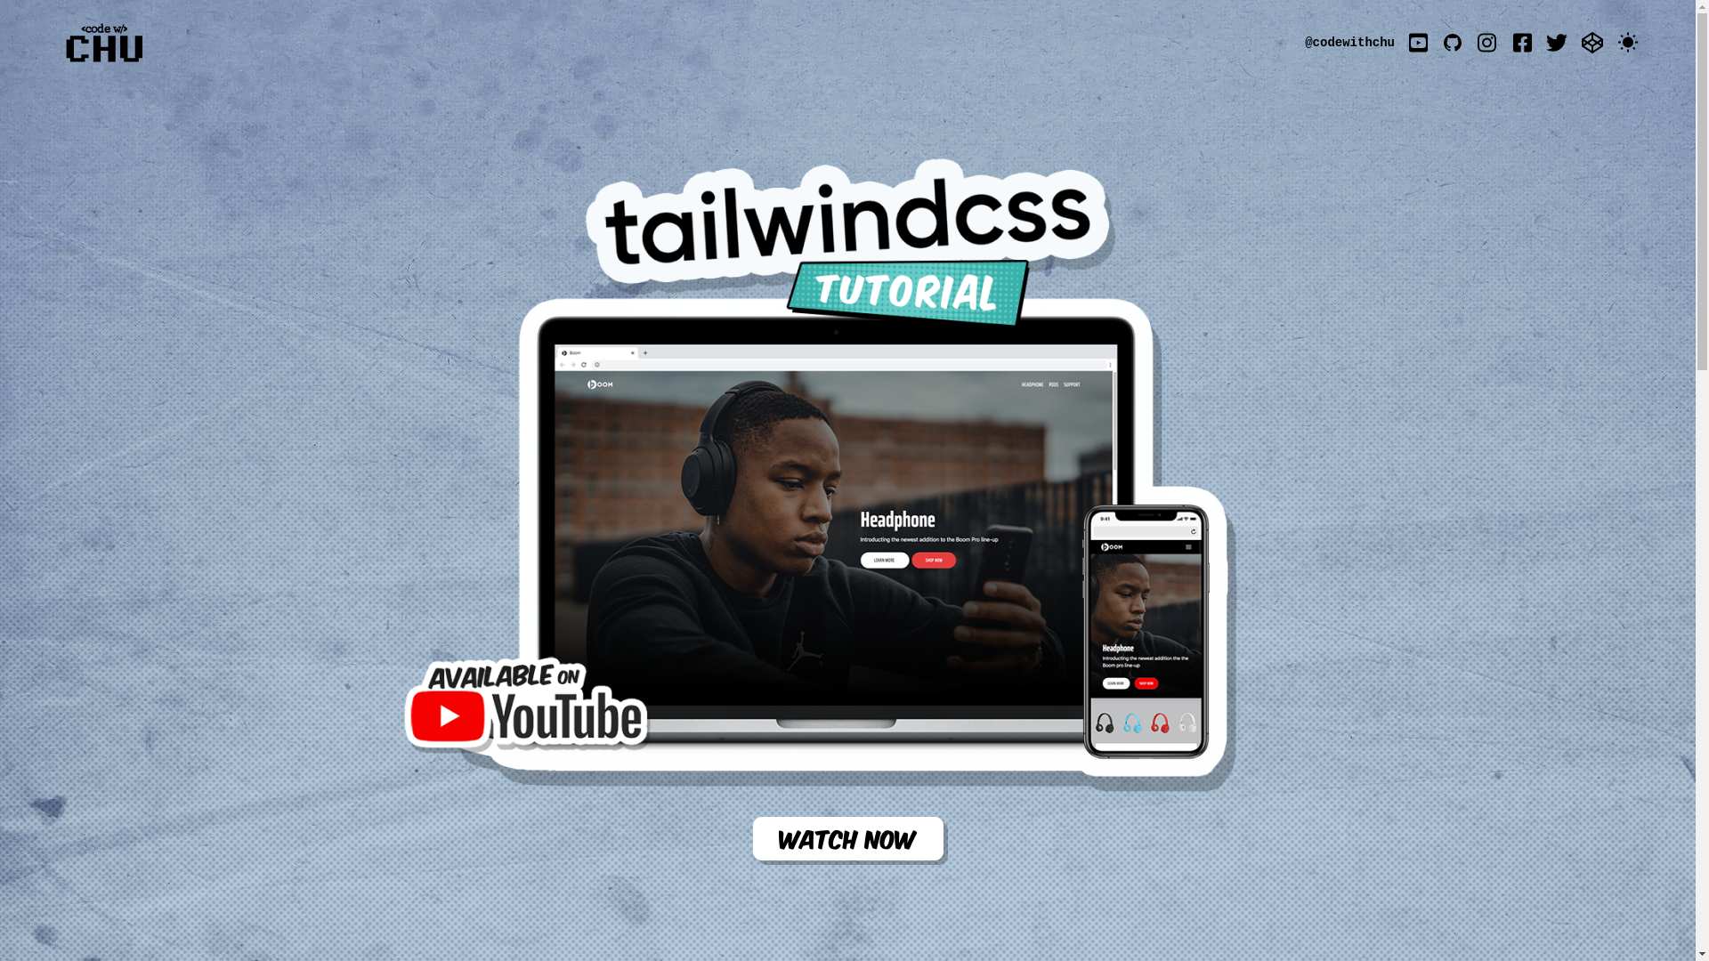 Image resolution: width=1709 pixels, height=961 pixels. What do you see at coordinates (1592, 41) in the screenshot?
I see `'Follow CodeWithChu on Codepen'` at bounding box center [1592, 41].